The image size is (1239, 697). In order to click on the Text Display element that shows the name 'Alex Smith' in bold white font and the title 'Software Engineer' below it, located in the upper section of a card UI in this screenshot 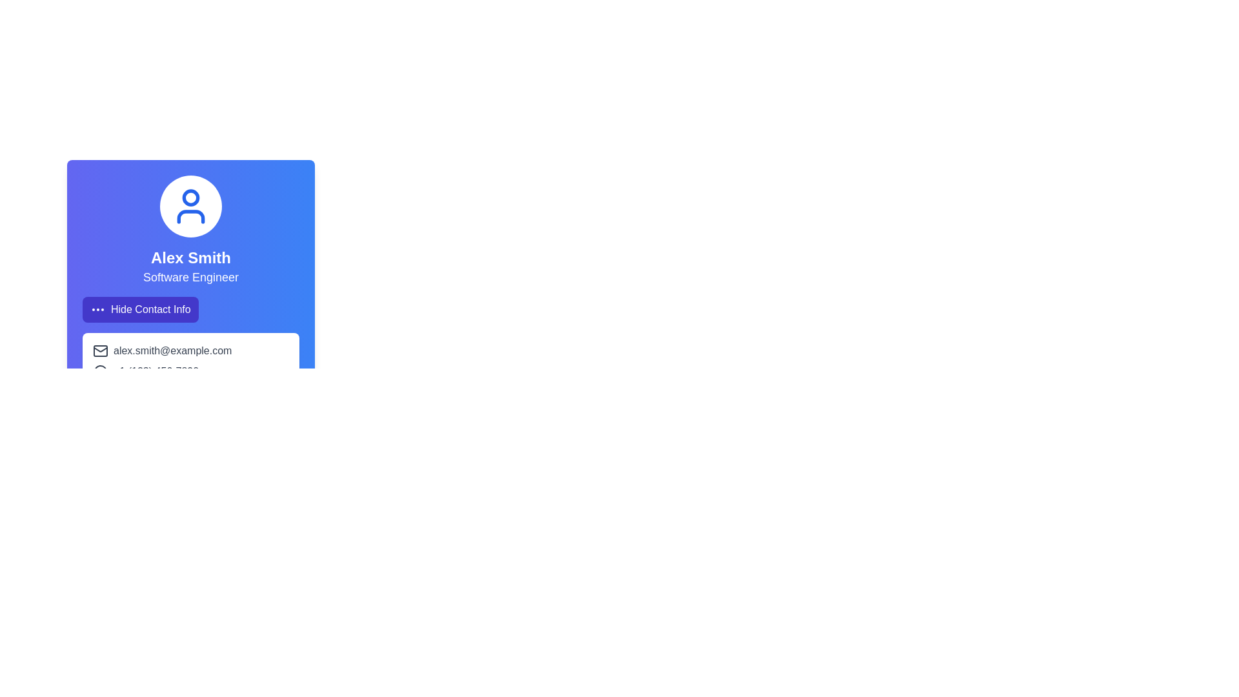, I will do `click(190, 248)`.